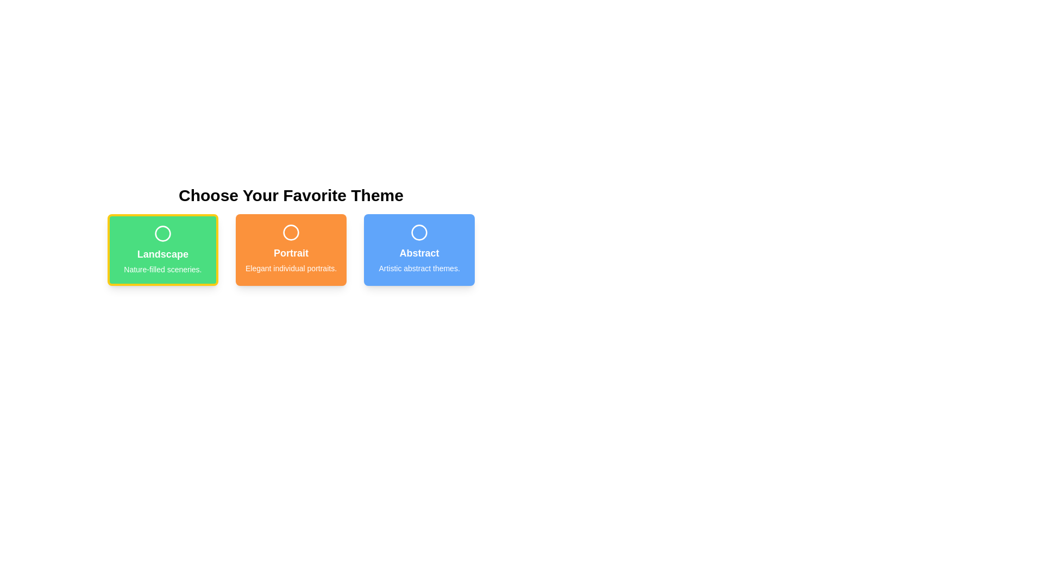 Image resolution: width=1043 pixels, height=587 pixels. I want to click on the 'Abstract' text label, which is displayed in bold white color, within the blue rectangular box located in the third card of the menu, so click(419, 253).